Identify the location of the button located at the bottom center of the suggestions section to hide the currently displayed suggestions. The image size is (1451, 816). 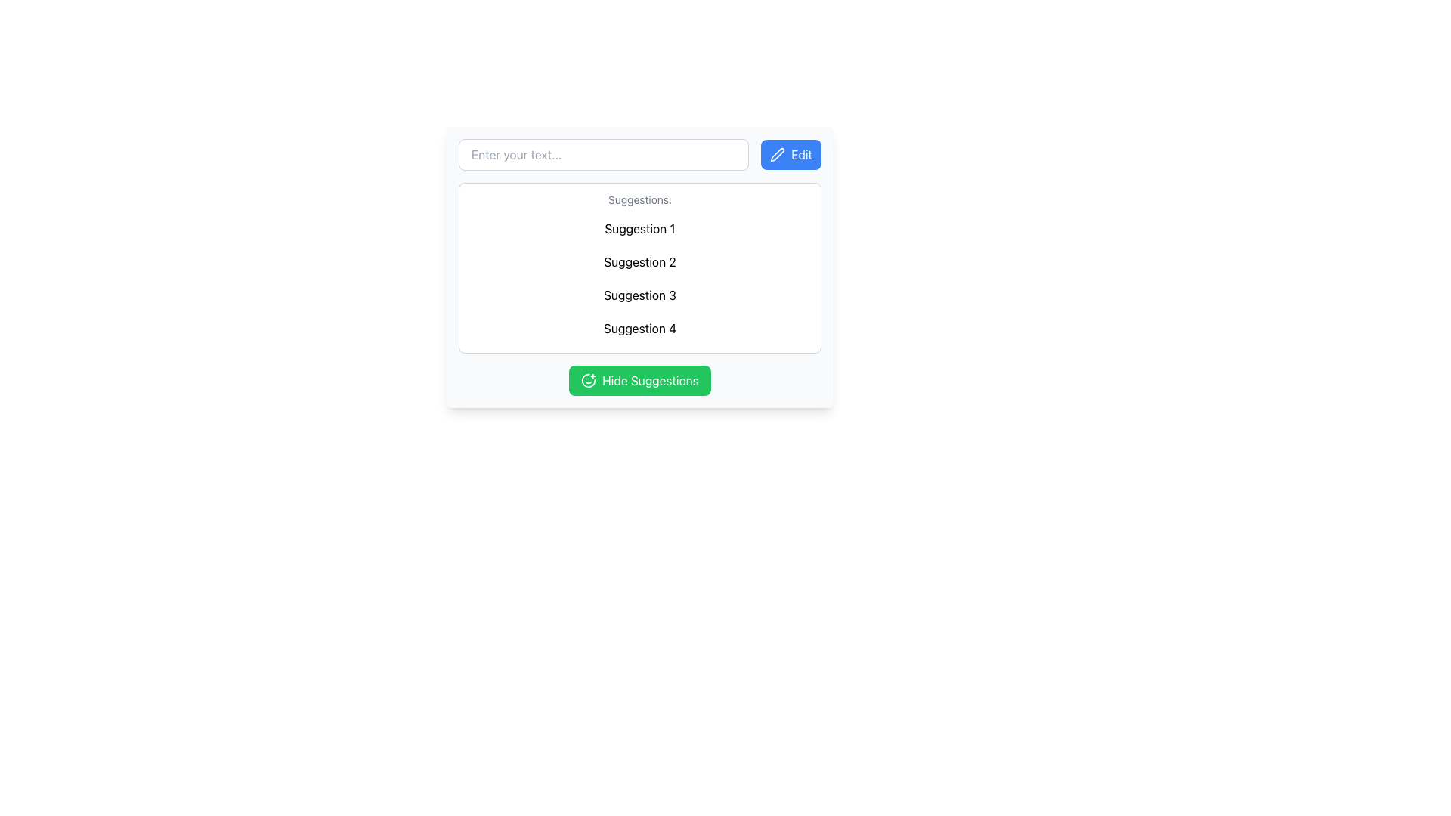
(639, 380).